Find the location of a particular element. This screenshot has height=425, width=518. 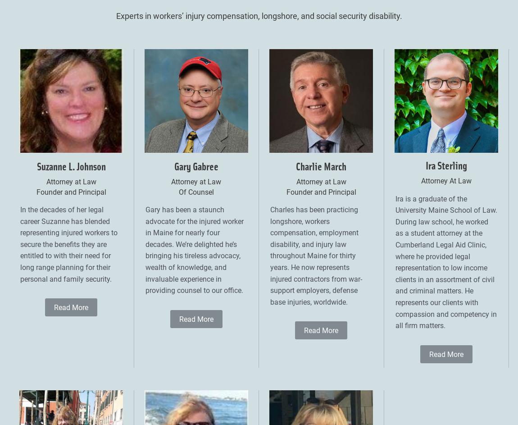

'Gary Gabree' is located at coordinates (174, 165).